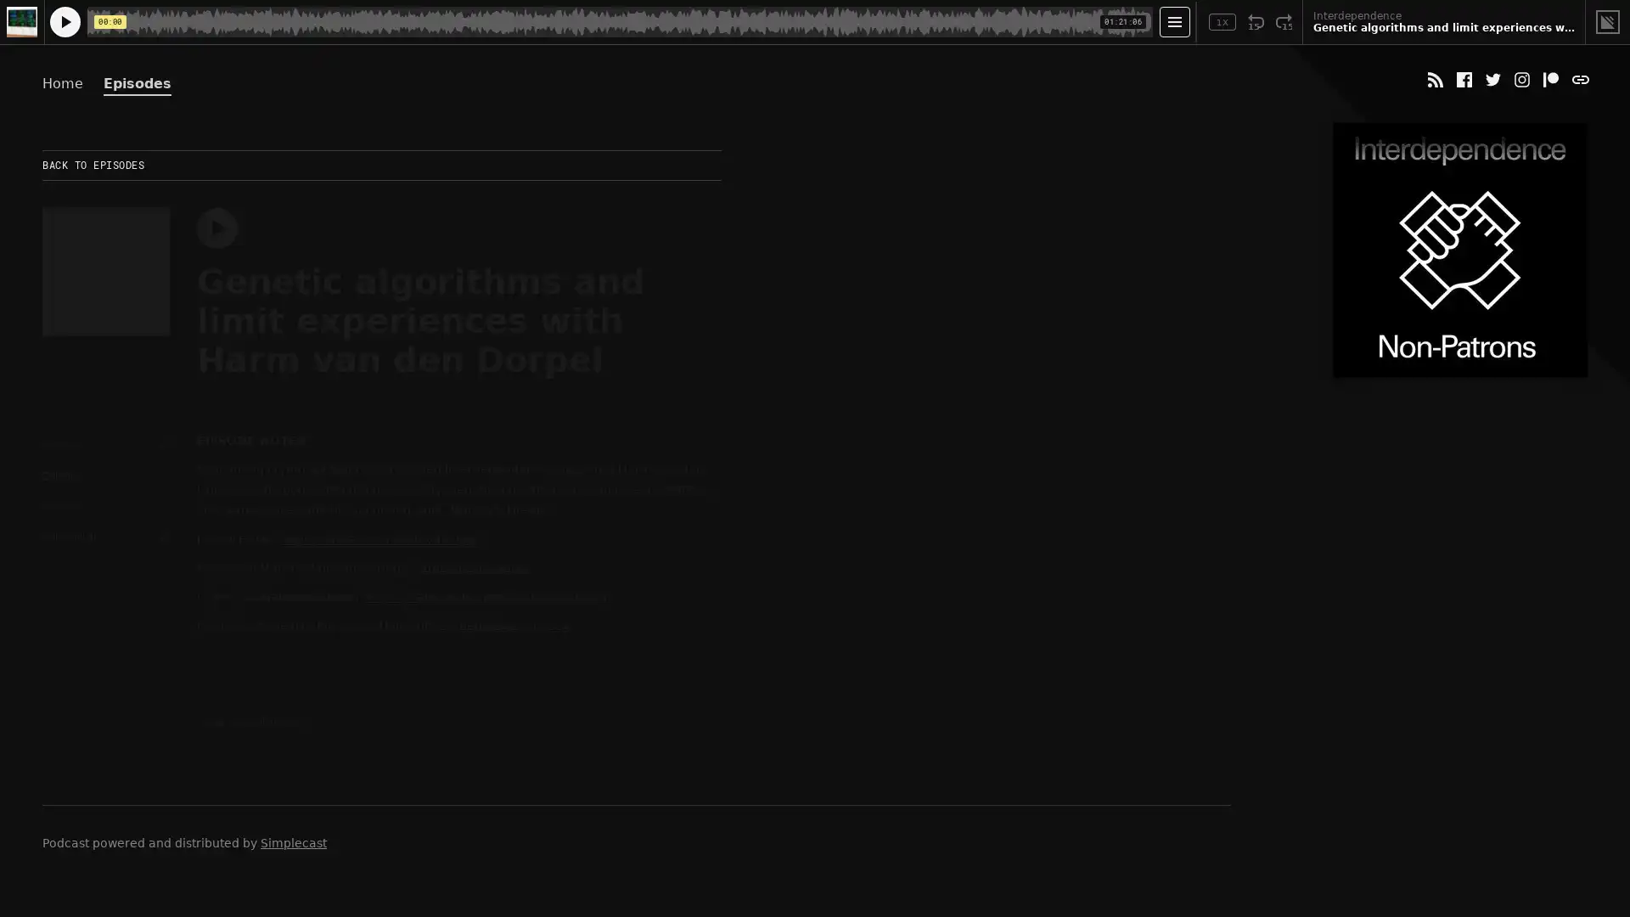 This screenshot has height=917, width=1630. I want to click on Fast Forward 15 Seconds, so click(1284, 22).